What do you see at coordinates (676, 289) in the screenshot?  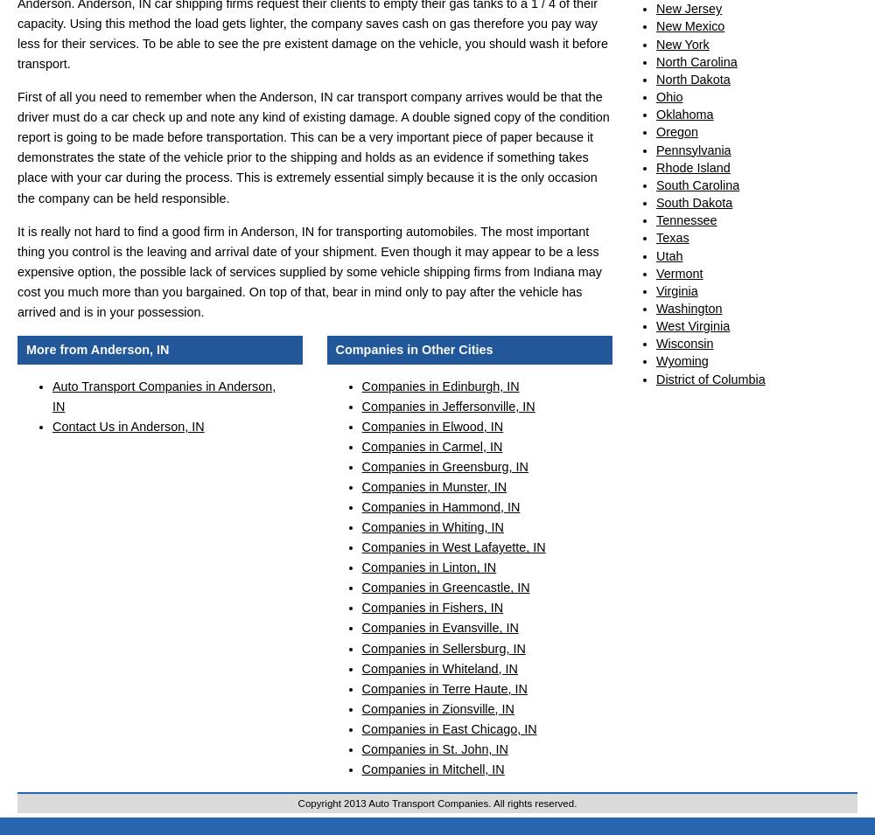 I see `'Virginia'` at bounding box center [676, 289].